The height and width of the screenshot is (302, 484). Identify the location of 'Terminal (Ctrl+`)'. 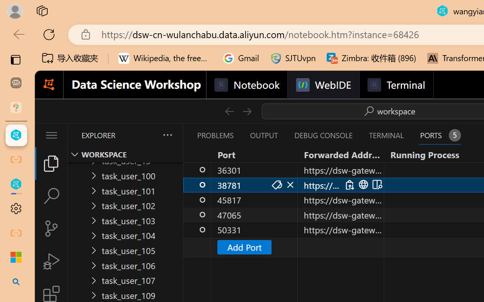
(386, 135).